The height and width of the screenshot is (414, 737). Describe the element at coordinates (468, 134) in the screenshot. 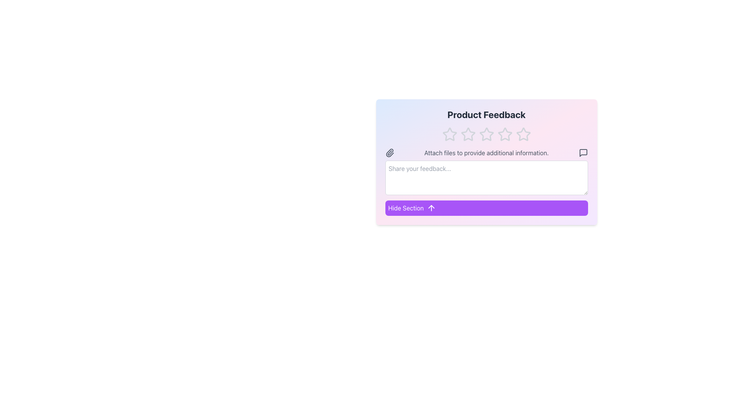

I see `the mouse from the second star icon in the rating system` at that location.